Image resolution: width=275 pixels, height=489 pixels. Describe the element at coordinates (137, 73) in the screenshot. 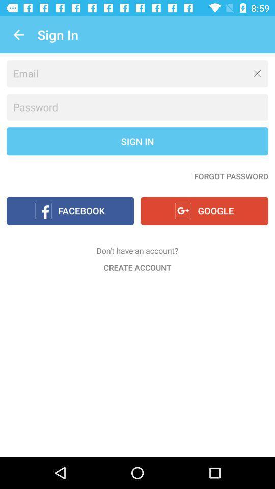

I see `email box` at that location.